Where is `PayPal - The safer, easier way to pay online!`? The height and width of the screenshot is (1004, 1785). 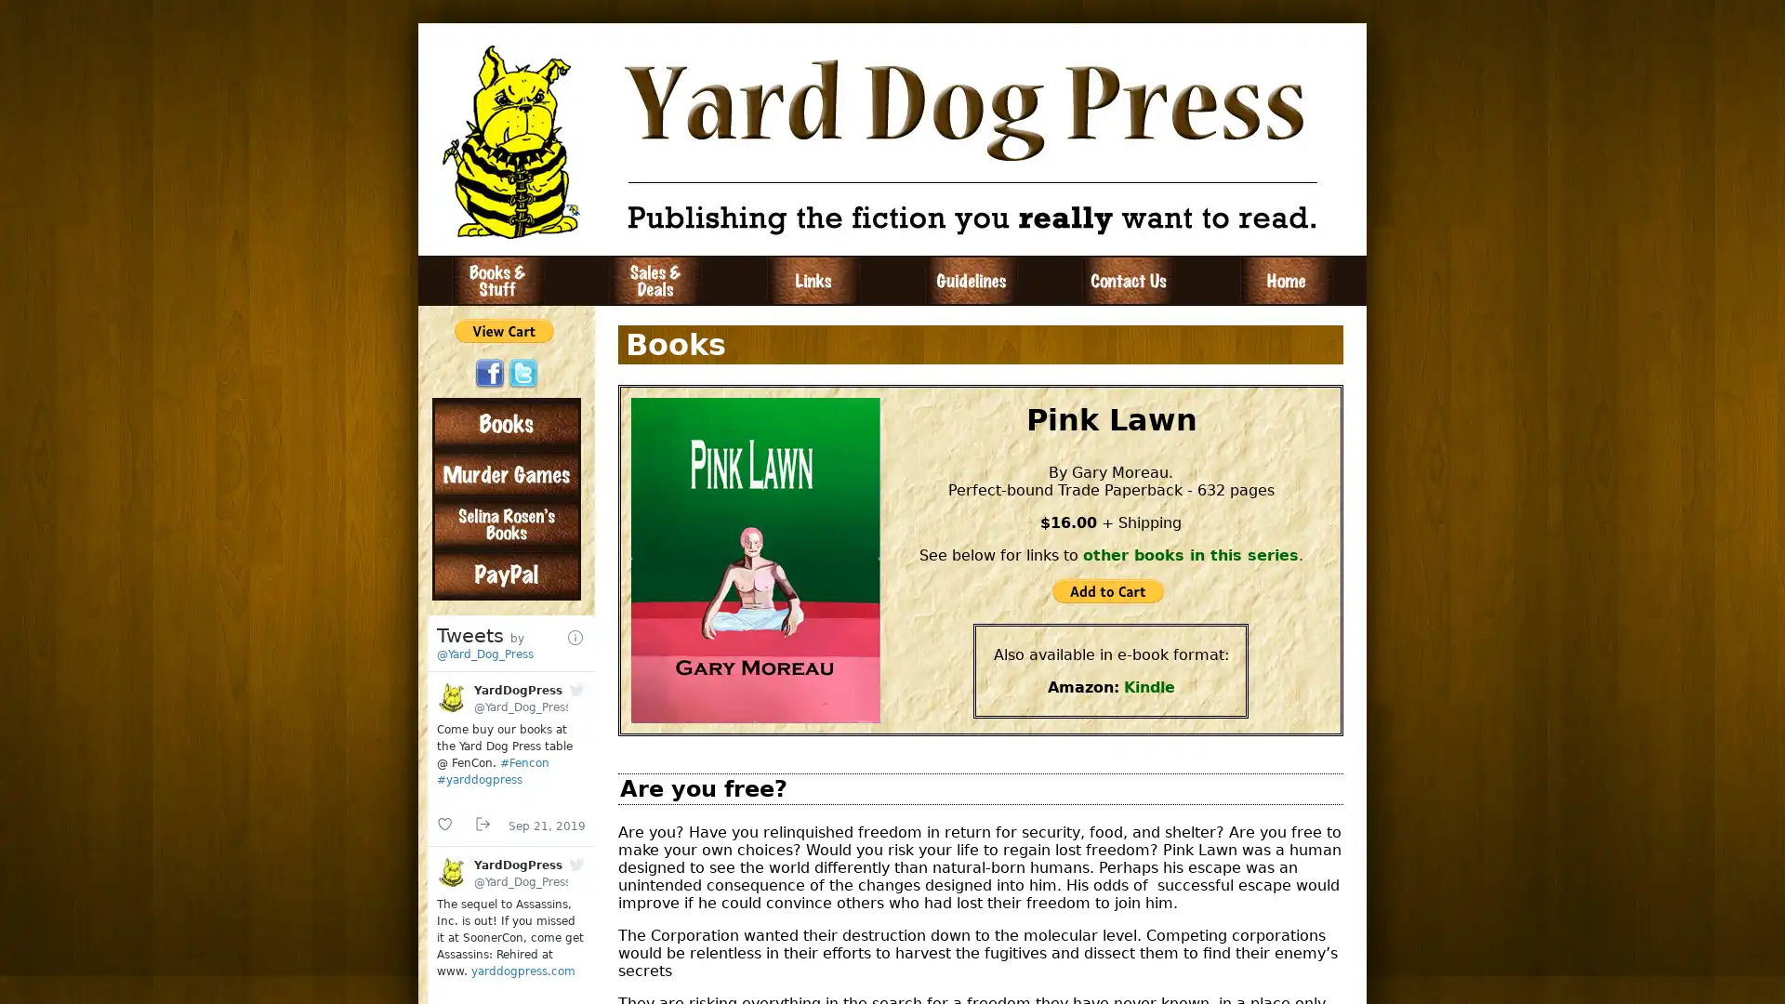
PayPal - The safer, easier way to pay online! is located at coordinates (1107, 591).